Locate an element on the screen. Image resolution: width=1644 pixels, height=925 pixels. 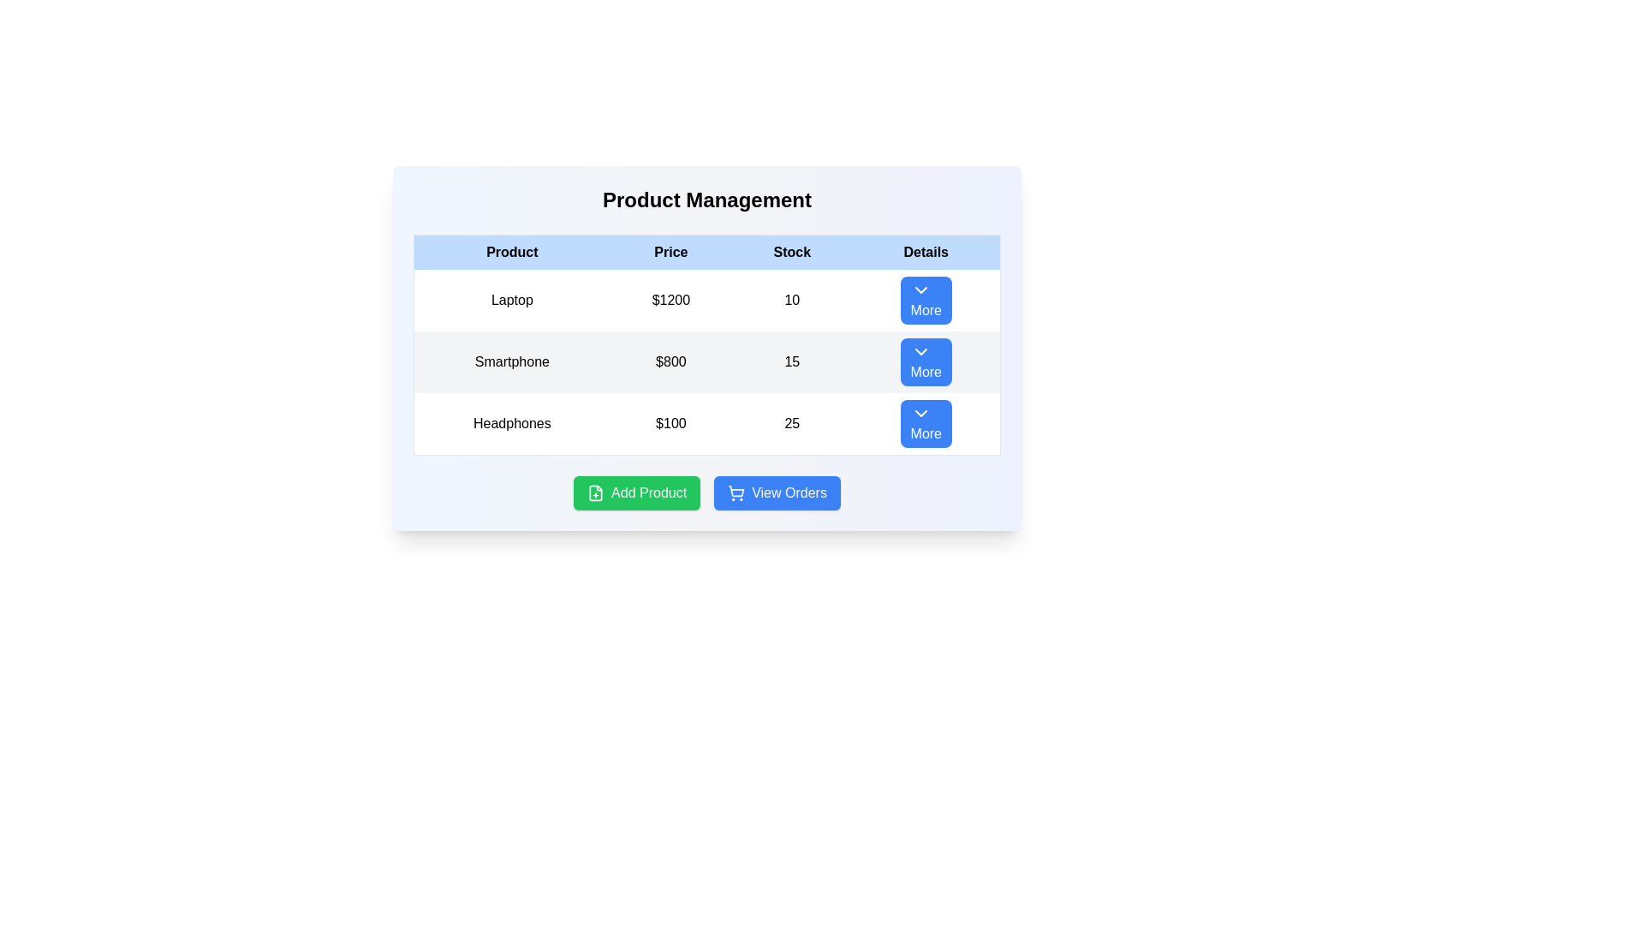
the header label for the 'Product' column in the table, which is the first element in the header row of the 'Product Management' section is located at coordinates (511, 252).